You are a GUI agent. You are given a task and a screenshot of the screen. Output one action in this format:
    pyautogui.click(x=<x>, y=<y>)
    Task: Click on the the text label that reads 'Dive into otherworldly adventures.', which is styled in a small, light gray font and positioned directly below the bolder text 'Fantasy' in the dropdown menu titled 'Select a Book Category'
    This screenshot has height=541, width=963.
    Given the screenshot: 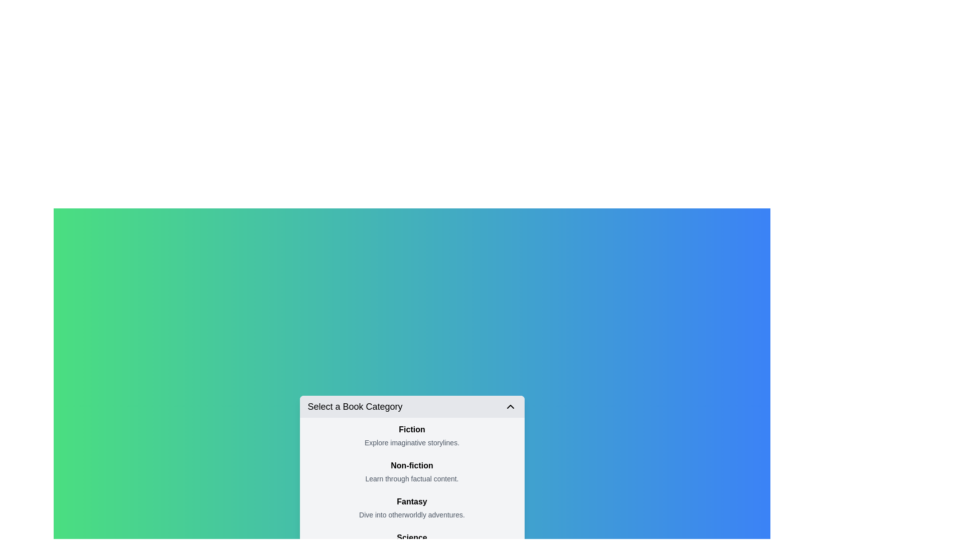 What is the action you would take?
    pyautogui.click(x=412, y=515)
    